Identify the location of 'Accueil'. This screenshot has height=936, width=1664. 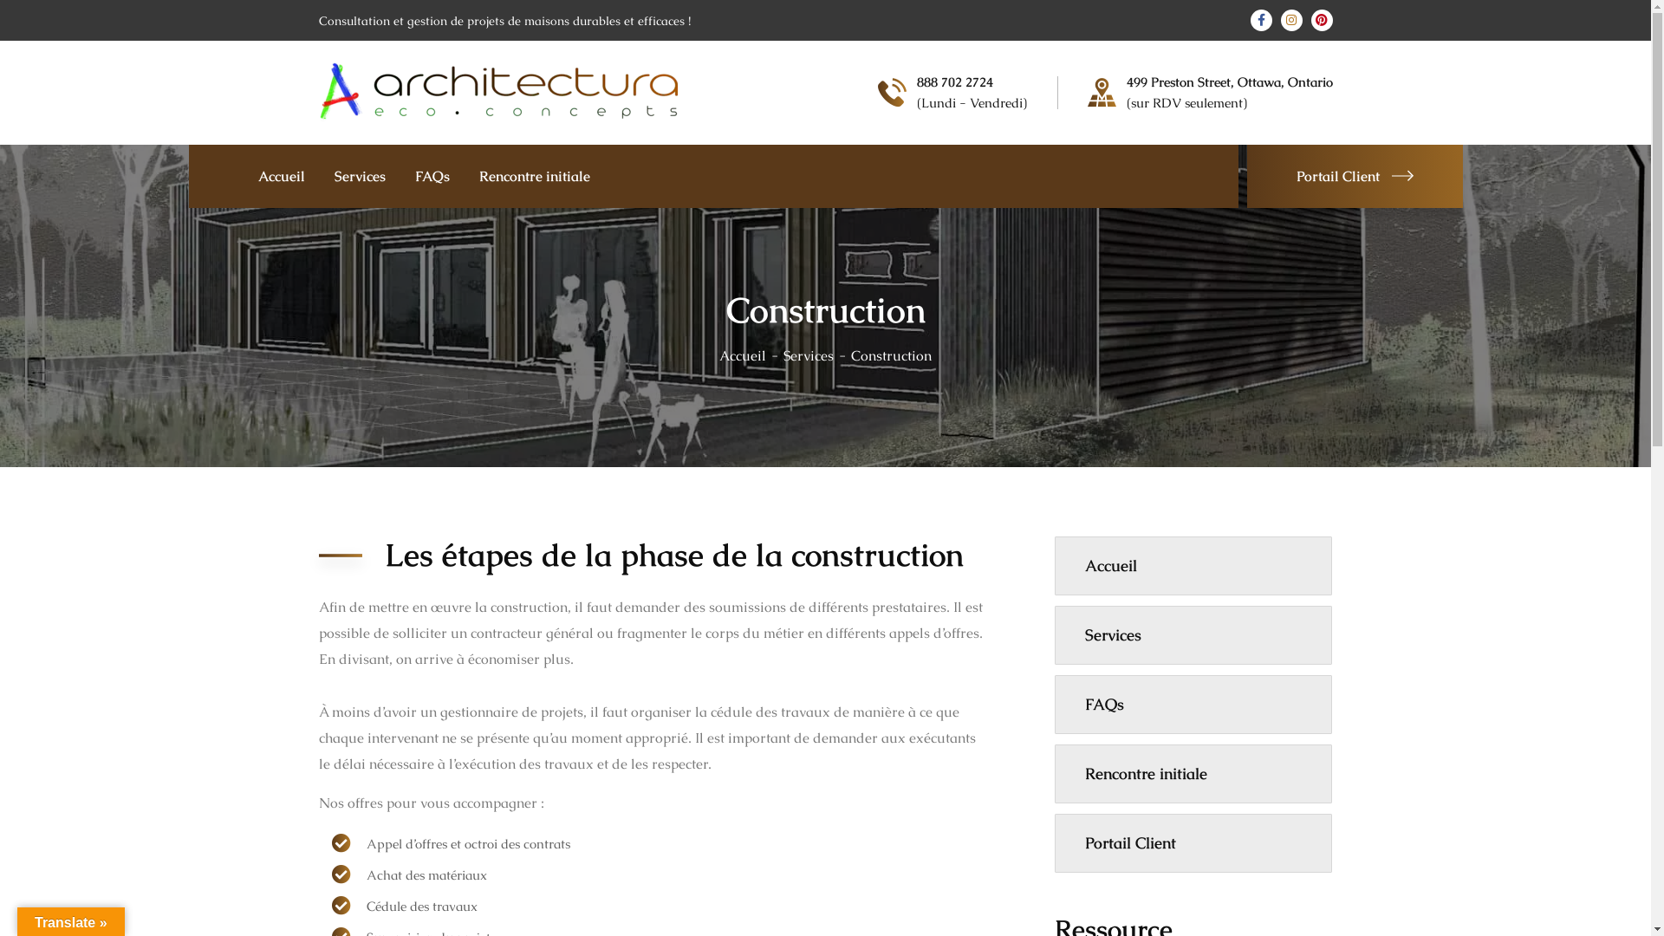
(719, 354).